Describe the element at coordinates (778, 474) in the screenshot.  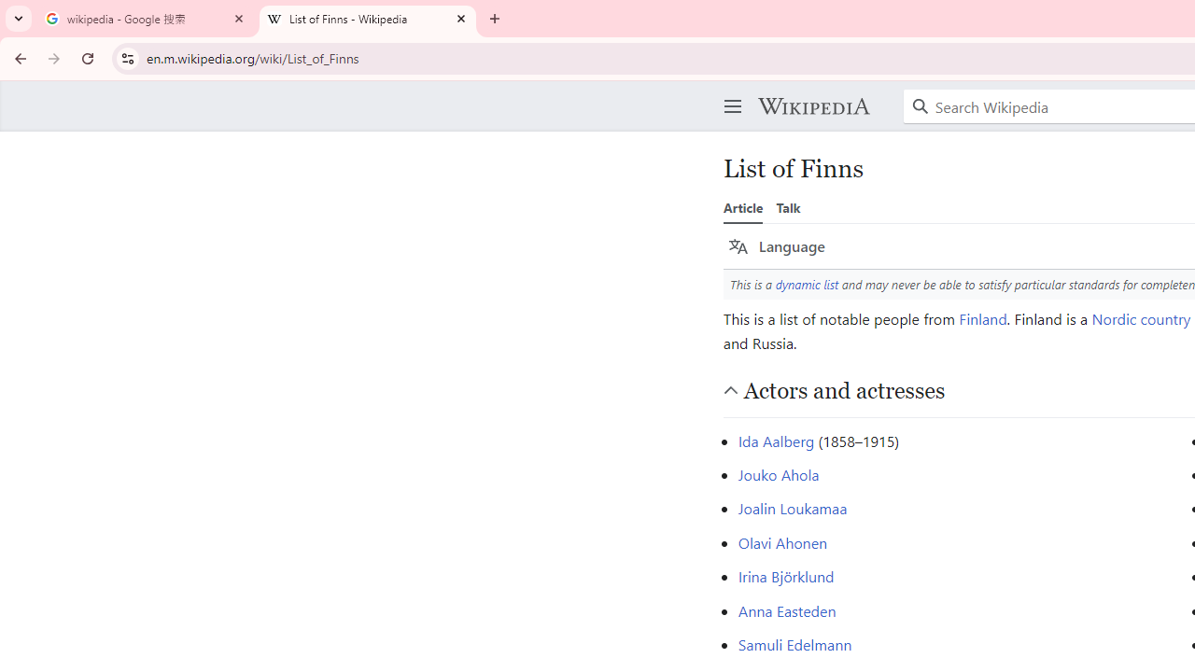
I see `'Jouko Ahola'` at that location.